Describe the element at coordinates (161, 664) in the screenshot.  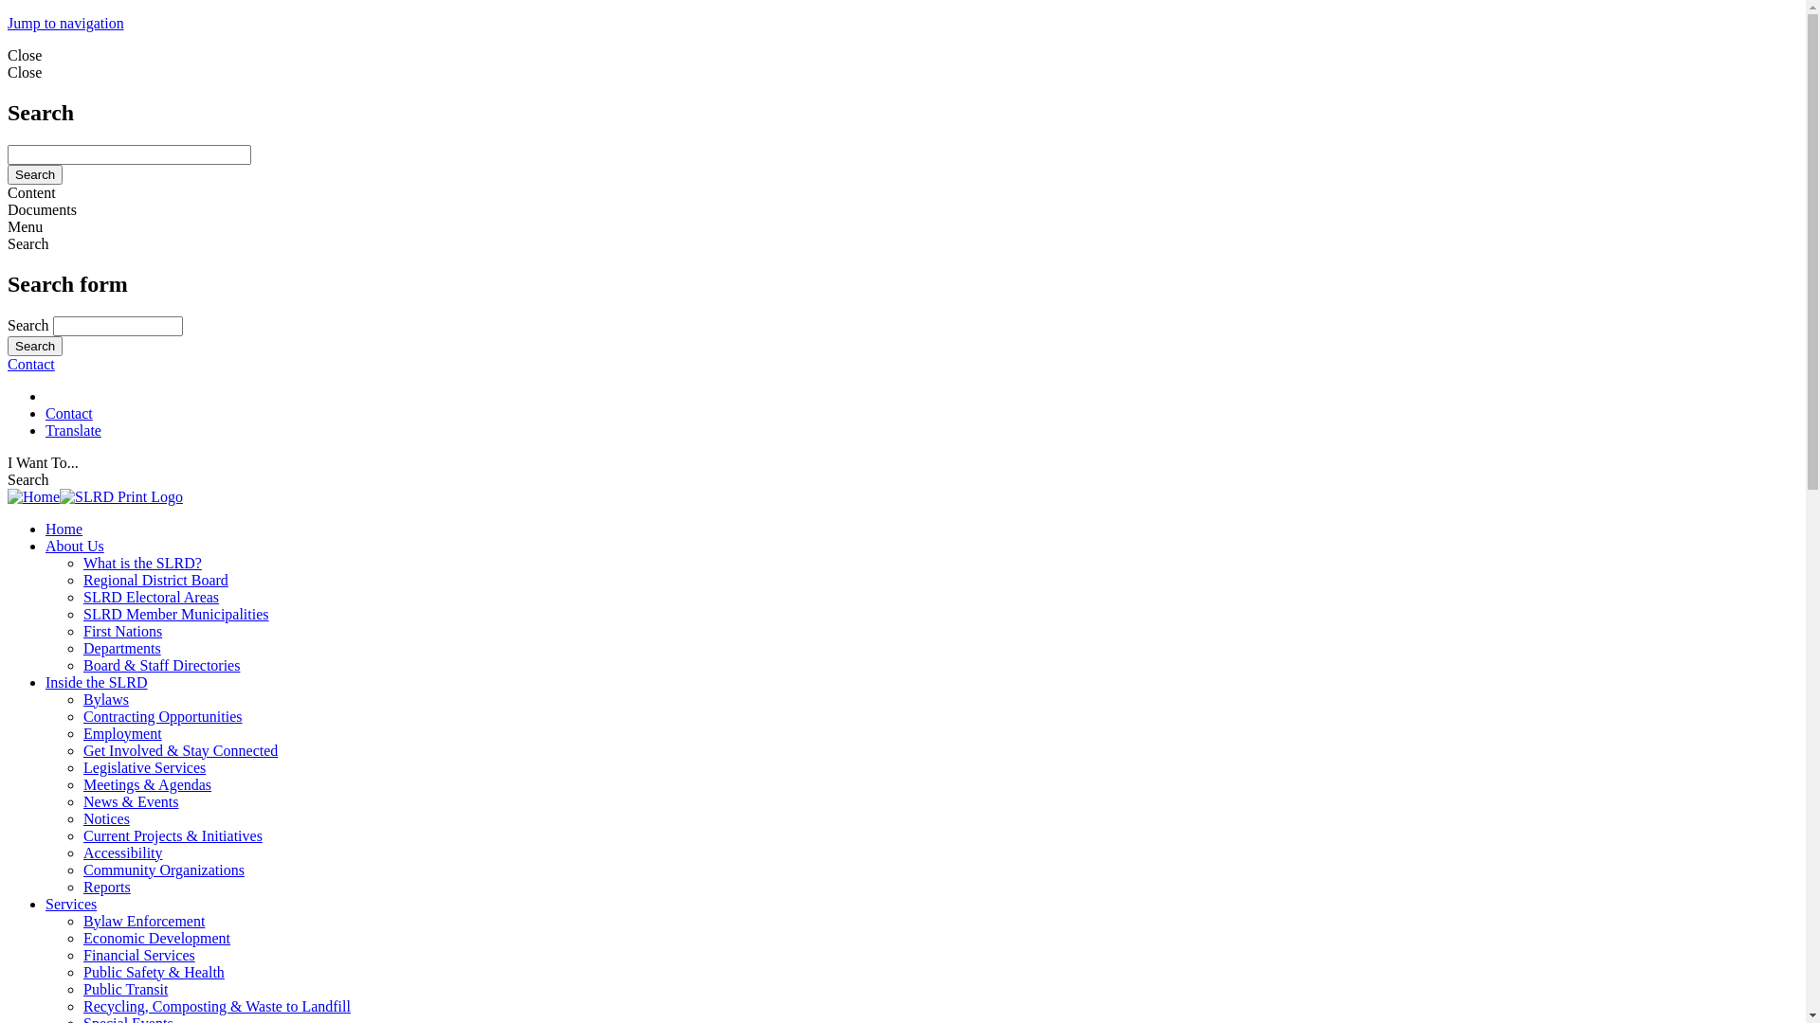
I see `'Board & Staff Directories'` at that location.